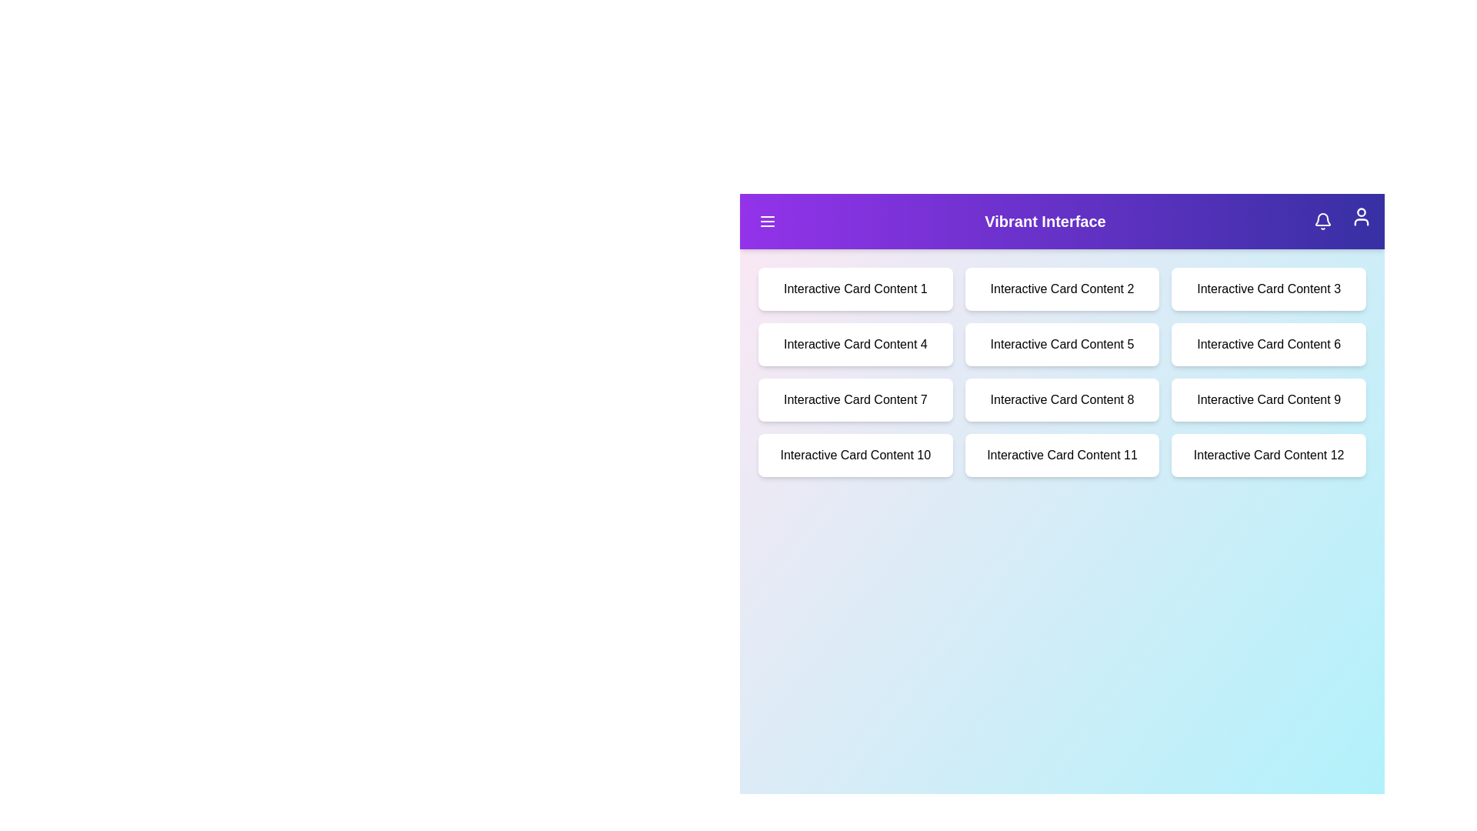 Image resolution: width=1477 pixels, height=831 pixels. Describe the element at coordinates (768, 222) in the screenshot. I see `the menu button in the top-left corner` at that location.